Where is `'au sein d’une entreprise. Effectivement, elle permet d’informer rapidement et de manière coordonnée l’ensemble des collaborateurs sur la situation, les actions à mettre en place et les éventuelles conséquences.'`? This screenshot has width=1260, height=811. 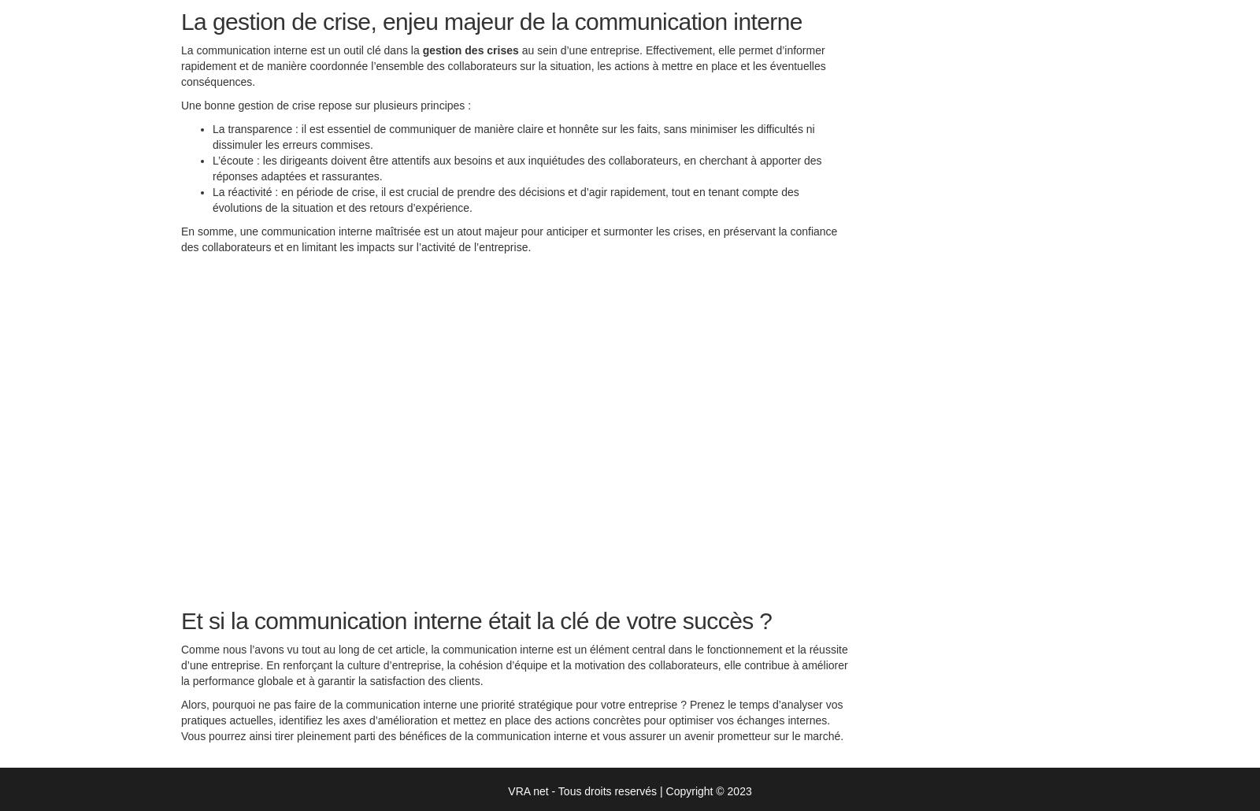
'au sein d’une entreprise. Effectivement, elle permet d’informer rapidement et de manière coordonnée l’ensemble des collaborateurs sur la situation, les actions à mettre en place et les éventuelles conséquences.' is located at coordinates (180, 68).